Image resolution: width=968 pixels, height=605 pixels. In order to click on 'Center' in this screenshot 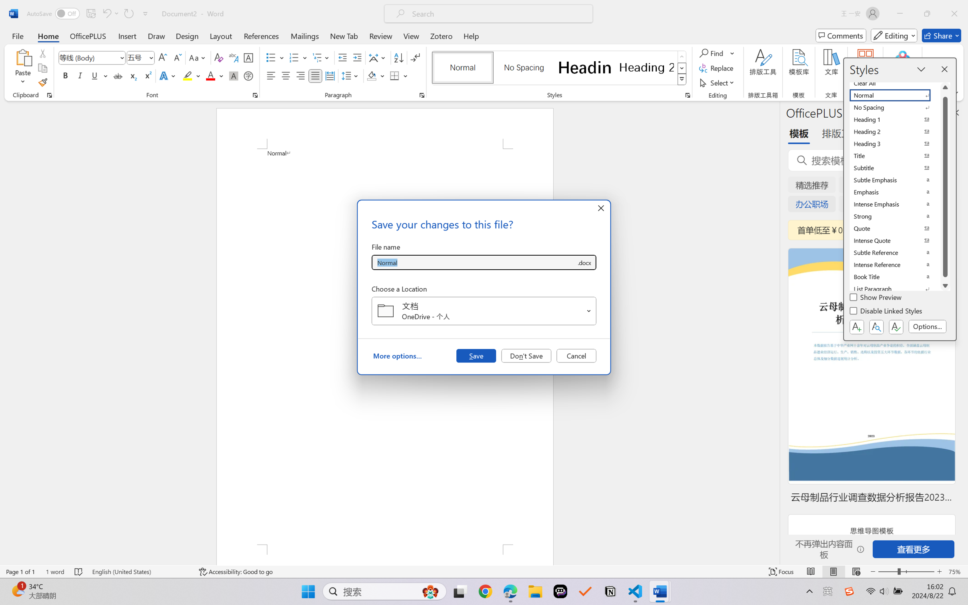, I will do `click(285, 75)`.